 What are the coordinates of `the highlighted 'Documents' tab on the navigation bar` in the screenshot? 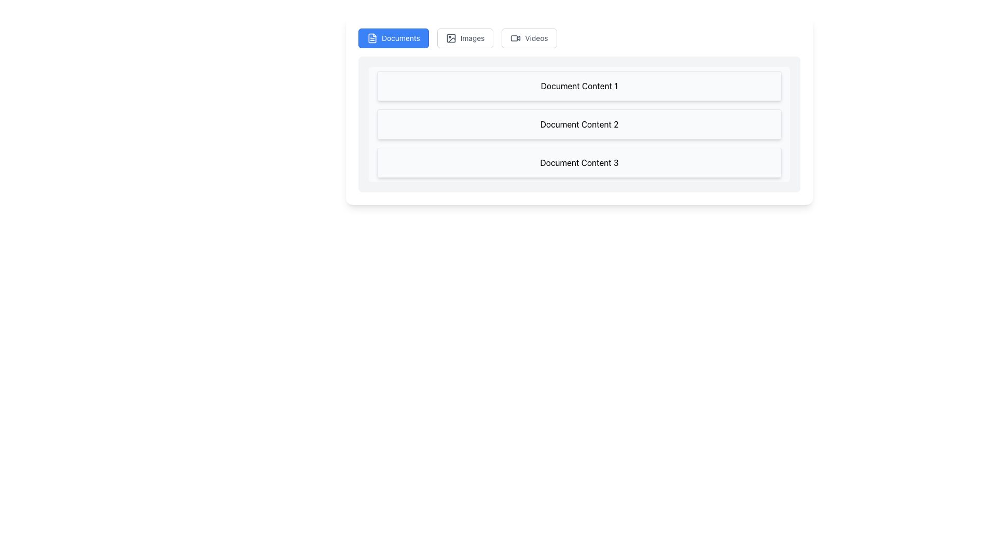 It's located at (579, 37).